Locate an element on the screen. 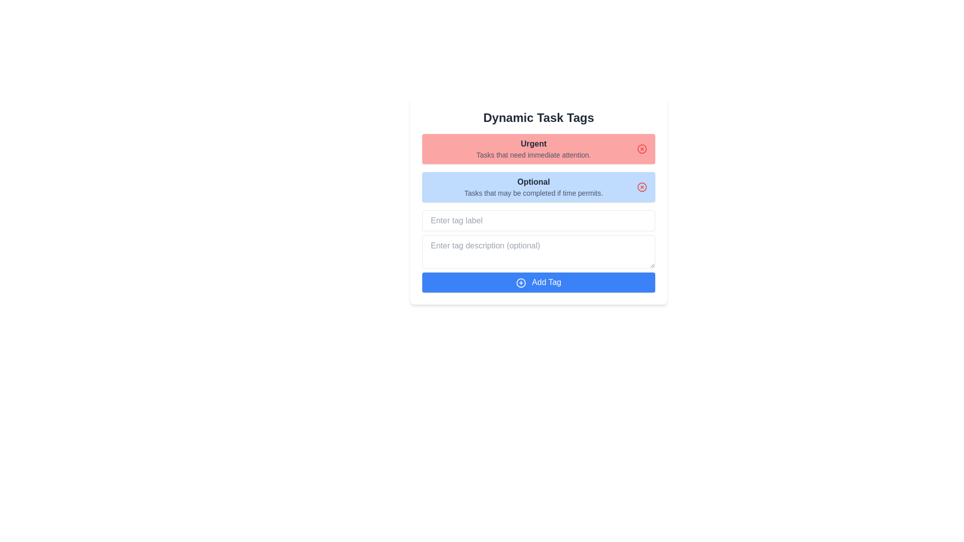  the text label that provides a description or guideline about tasks within the 'Optional' category, which is located immediately below the 'Optional' header in a light blue background section is located at coordinates (533, 193).